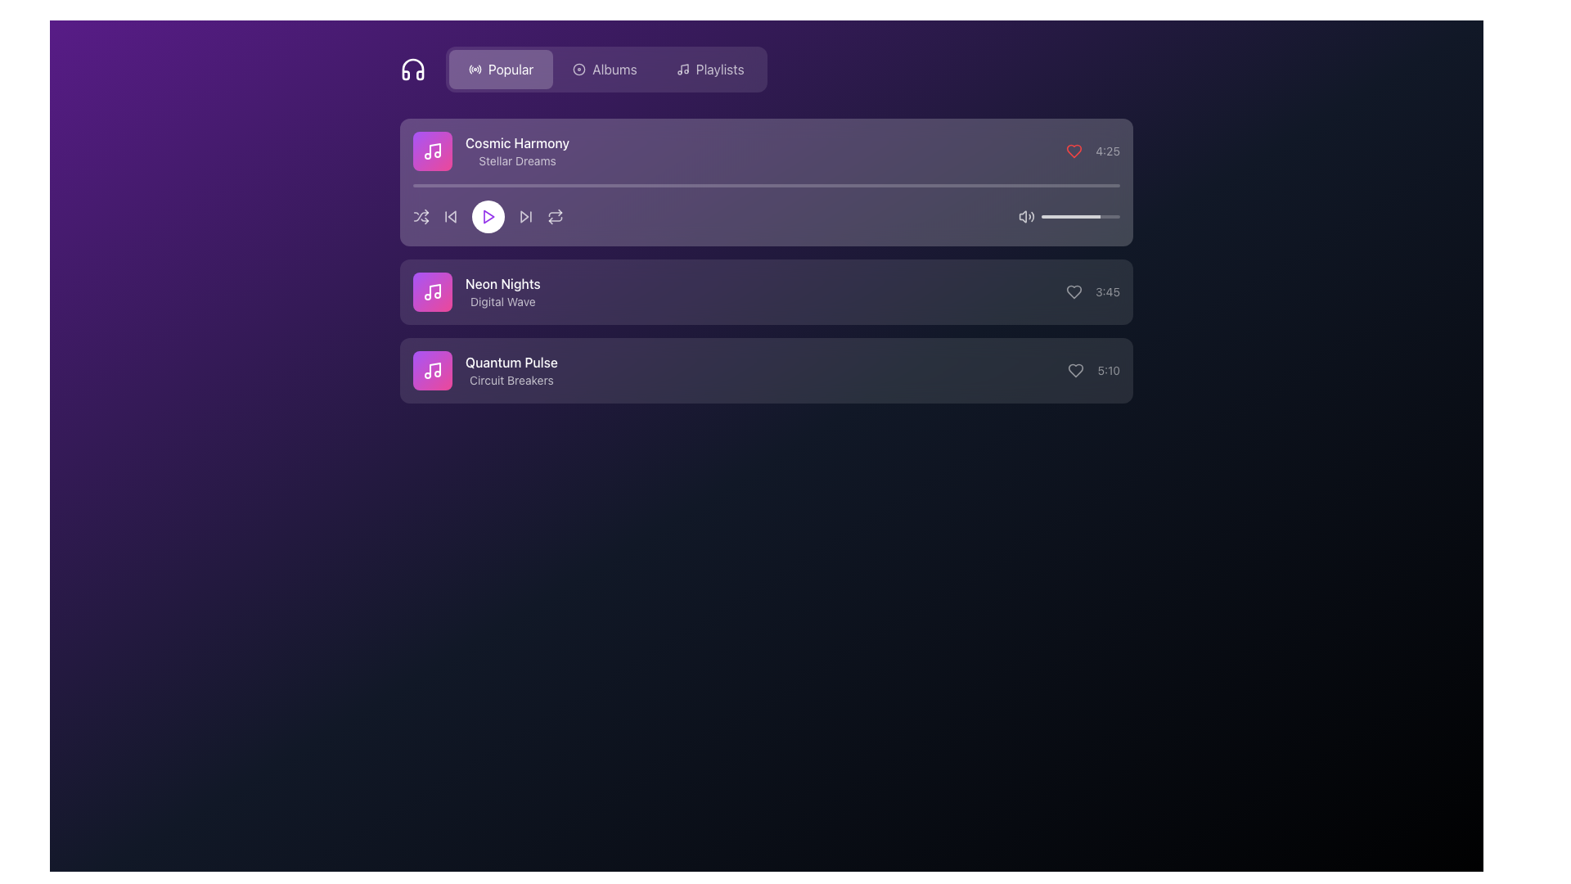 Image resolution: width=1571 pixels, height=884 pixels. I want to click on the 'Popular' button, which is a rectangular button with rounded corners, featuring a semi-transparent white background and white text, located in the top horizontal menu bar, so click(500, 68).